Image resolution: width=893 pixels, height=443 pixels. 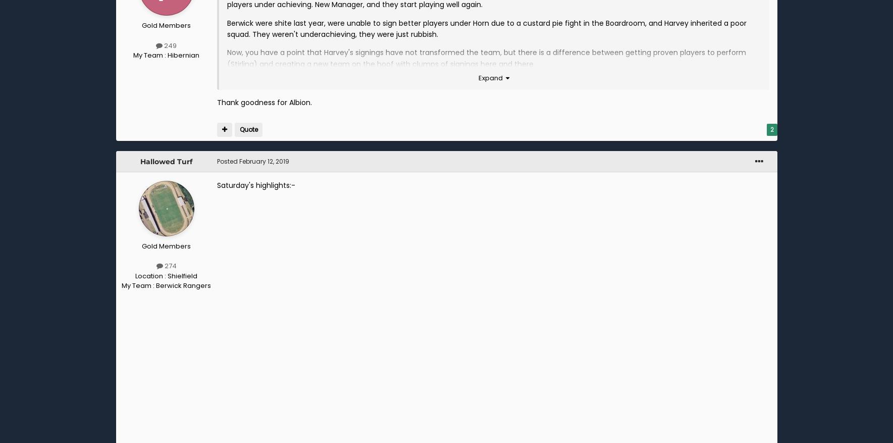 I want to click on 'Thank goodness for Albion.', so click(x=265, y=102).